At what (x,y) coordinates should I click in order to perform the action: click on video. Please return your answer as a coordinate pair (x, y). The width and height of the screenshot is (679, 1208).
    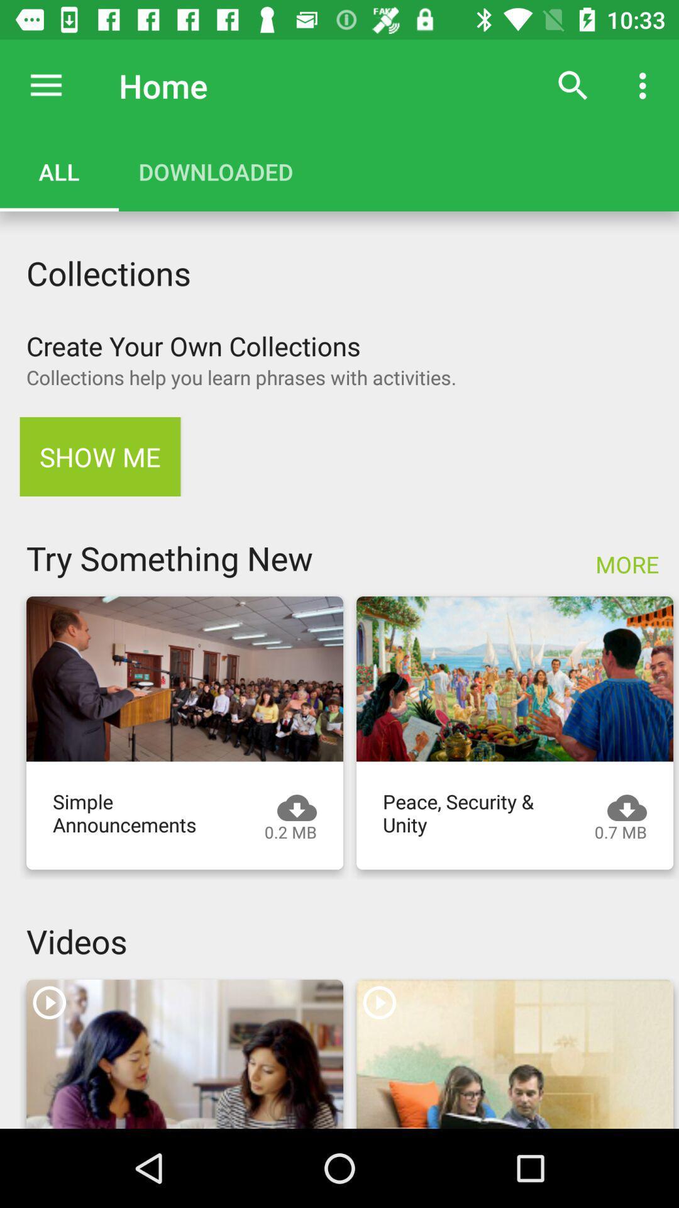
    Looking at the image, I should click on (514, 1054).